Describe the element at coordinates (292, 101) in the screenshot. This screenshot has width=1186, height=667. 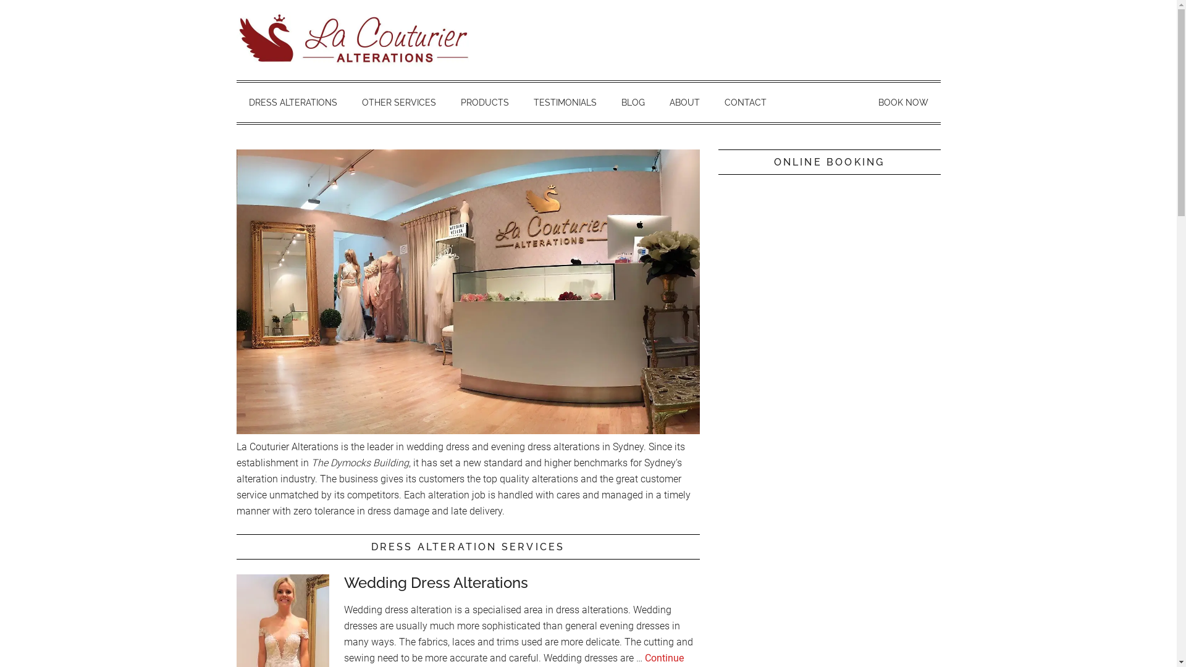
I see `'DRESS ALTERATIONS'` at that location.